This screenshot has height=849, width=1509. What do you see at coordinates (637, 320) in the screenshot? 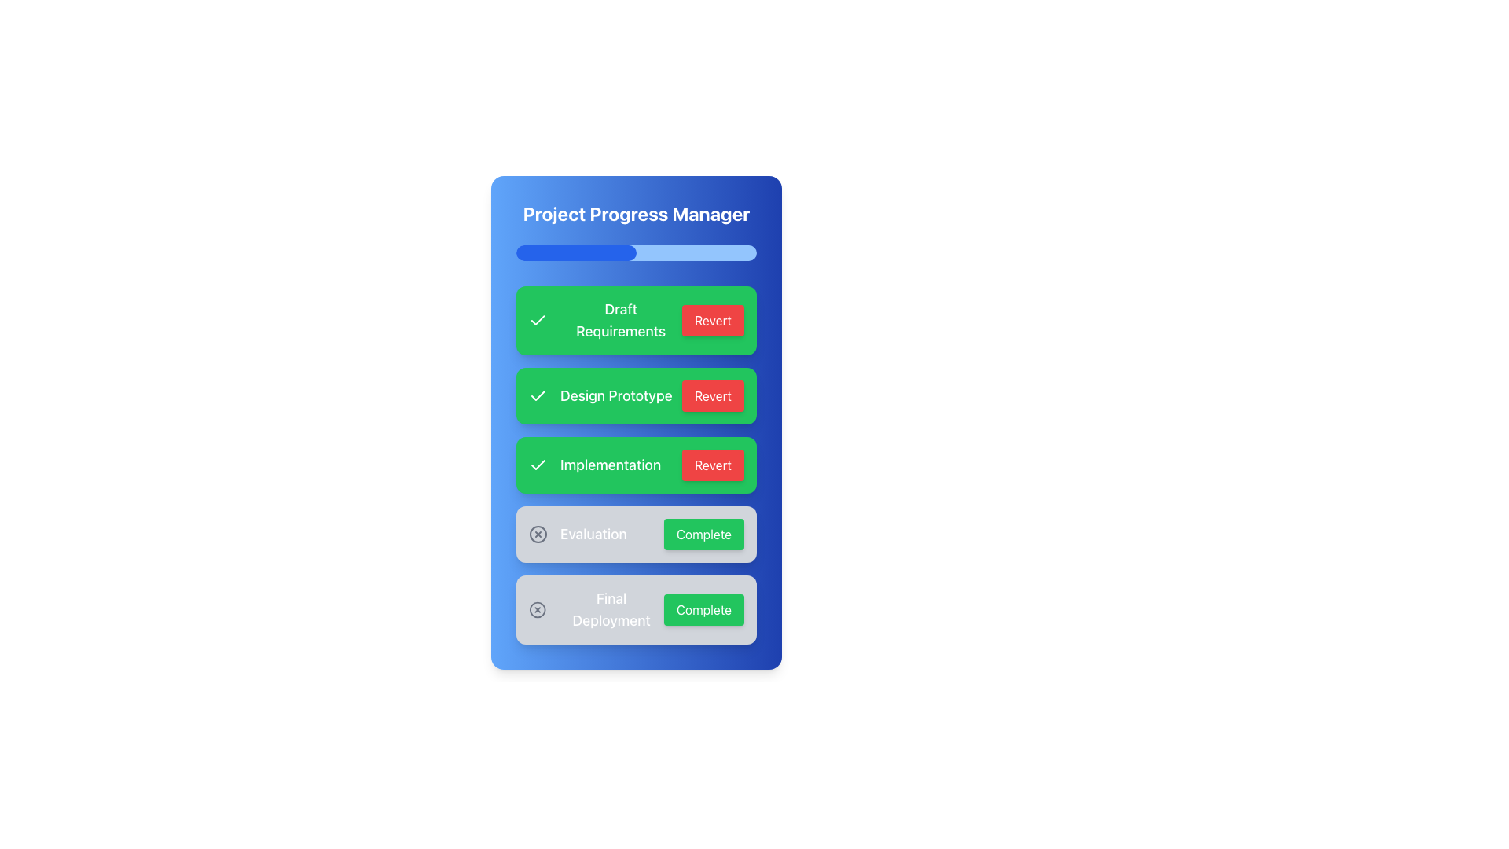
I see `text content of the first item in the project management progress list located in the 'Project Progress Manager' panel` at bounding box center [637, 320].